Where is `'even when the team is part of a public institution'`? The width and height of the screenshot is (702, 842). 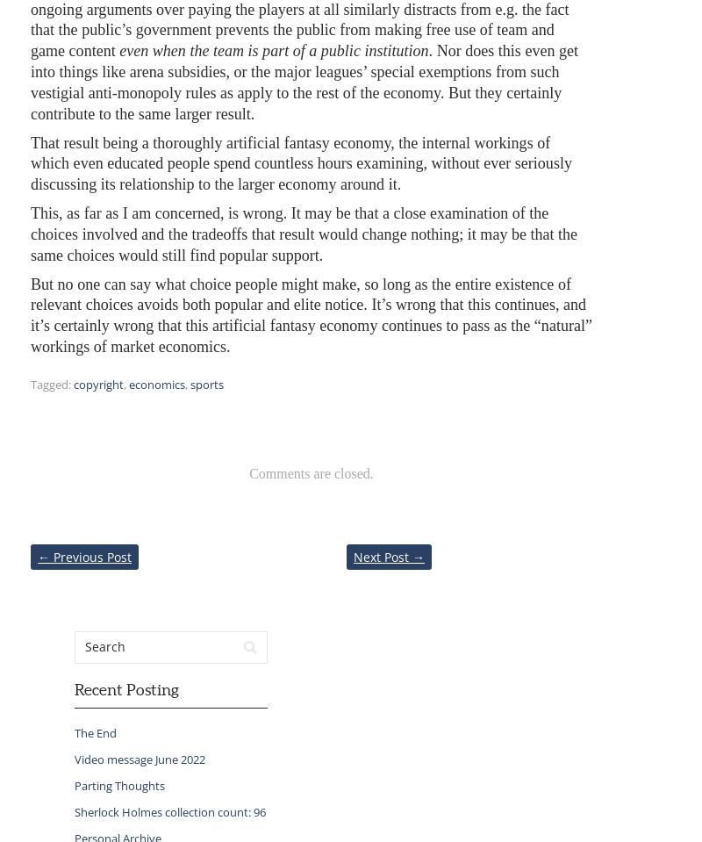 'even when the team is part of a public institution' is located at coordinates (273, 50).